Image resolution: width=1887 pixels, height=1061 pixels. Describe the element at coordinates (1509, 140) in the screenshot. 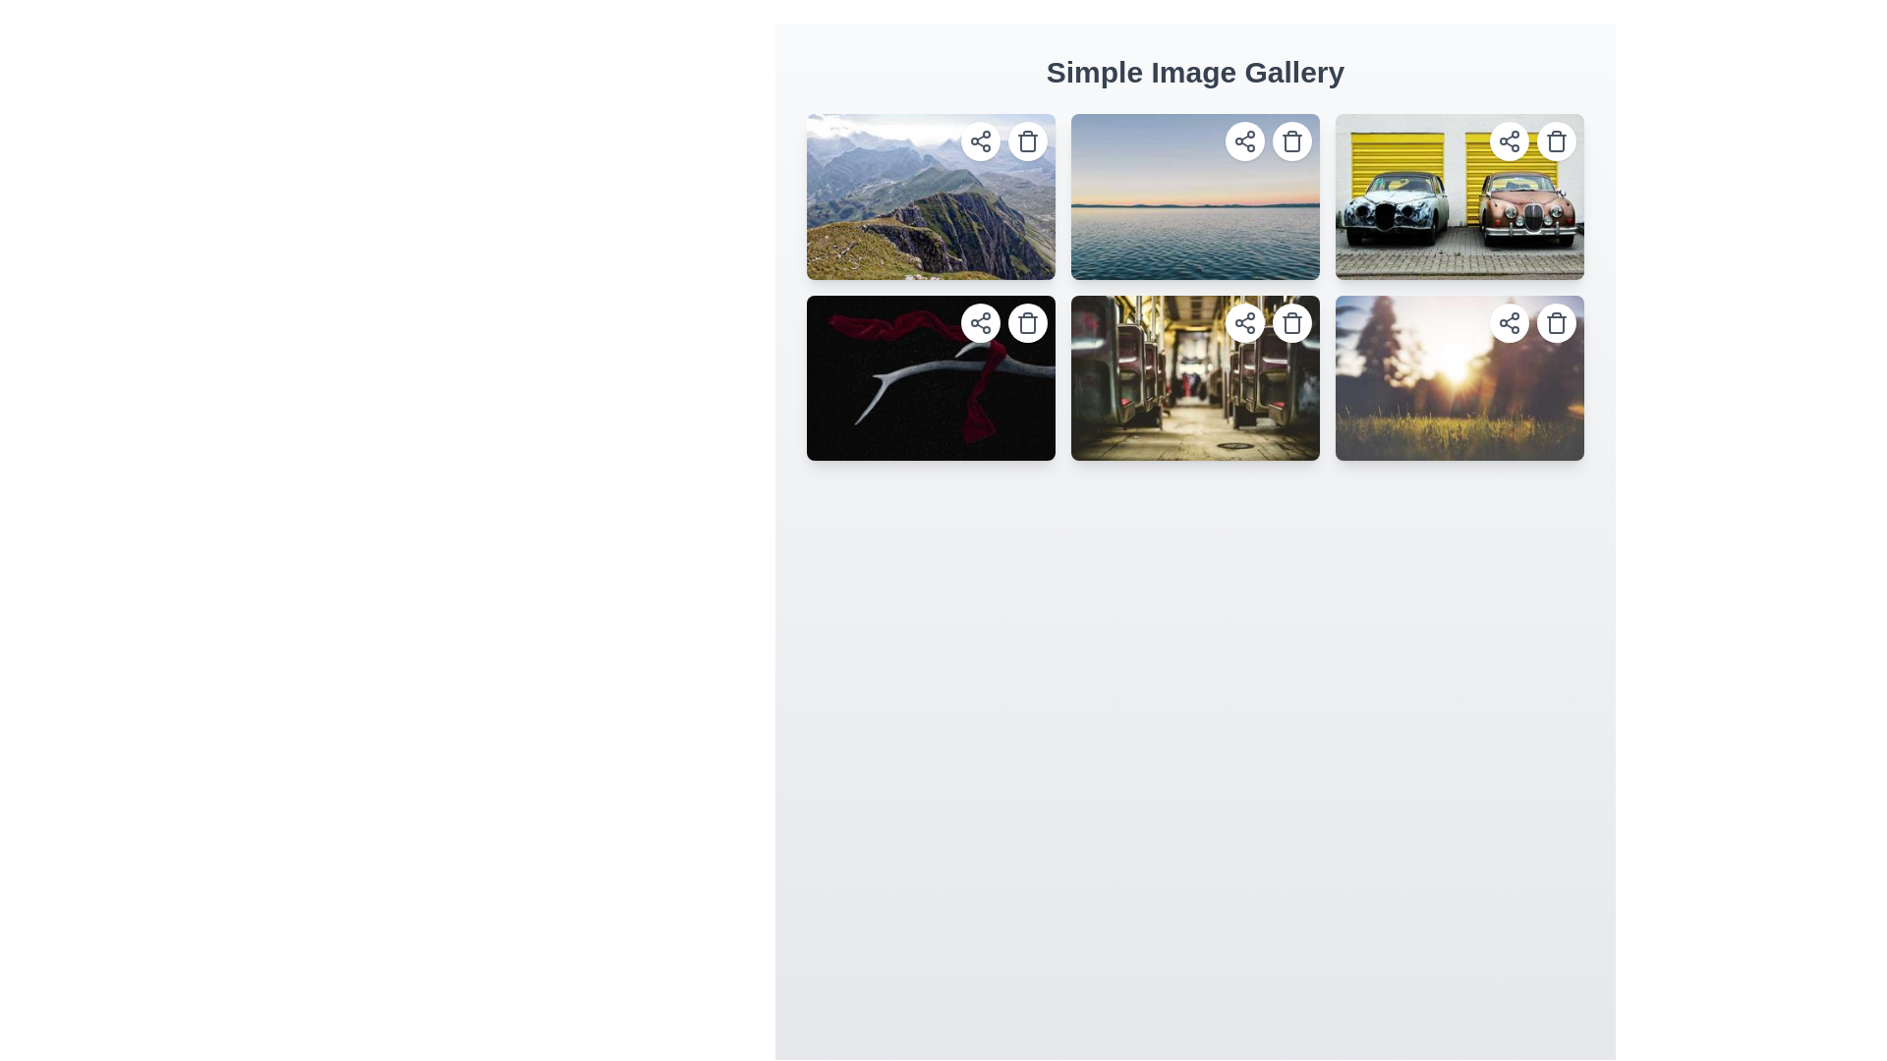

I see `the share icon located in the top-right corner of the fourth image in the gallery grid to trigger a visual response` at that location.